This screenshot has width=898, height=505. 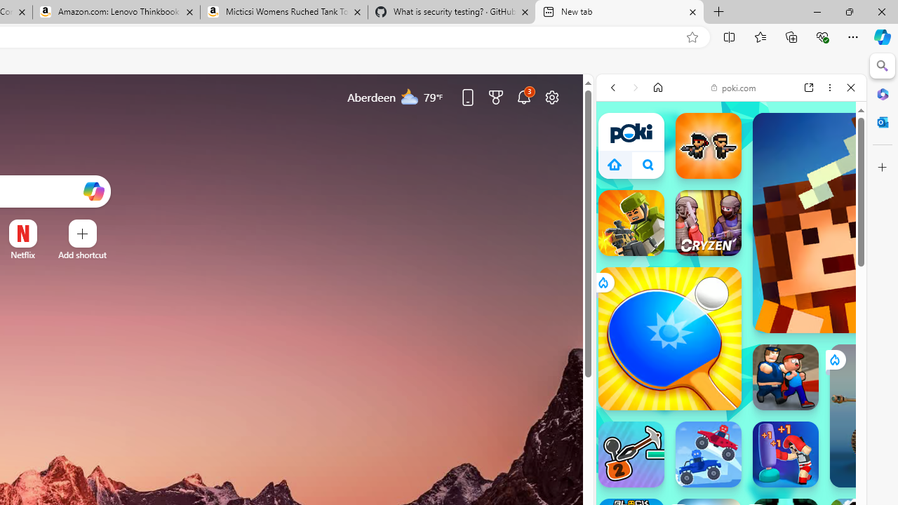 What do you see at coordinates (786, 454) in the screenshot?
I see `'Punch Legend Simulator Punch Legend Simulator'` at bounding box center [786, 454].